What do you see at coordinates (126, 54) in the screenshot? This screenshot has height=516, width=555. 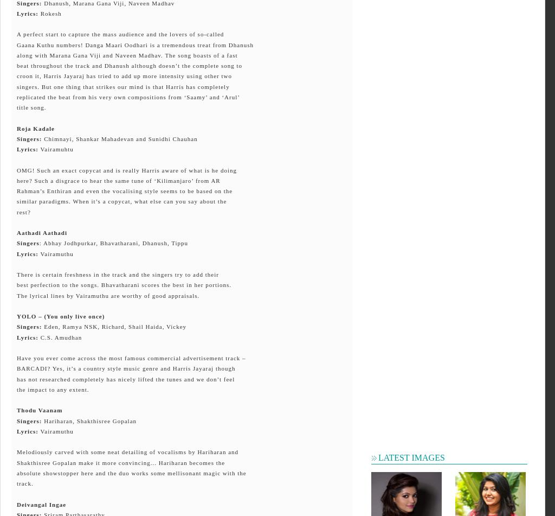 I see `'along with Marana Gana Viji and Naveen Madhav. The song boasts of a fast'` at bounding box center [126, 54].